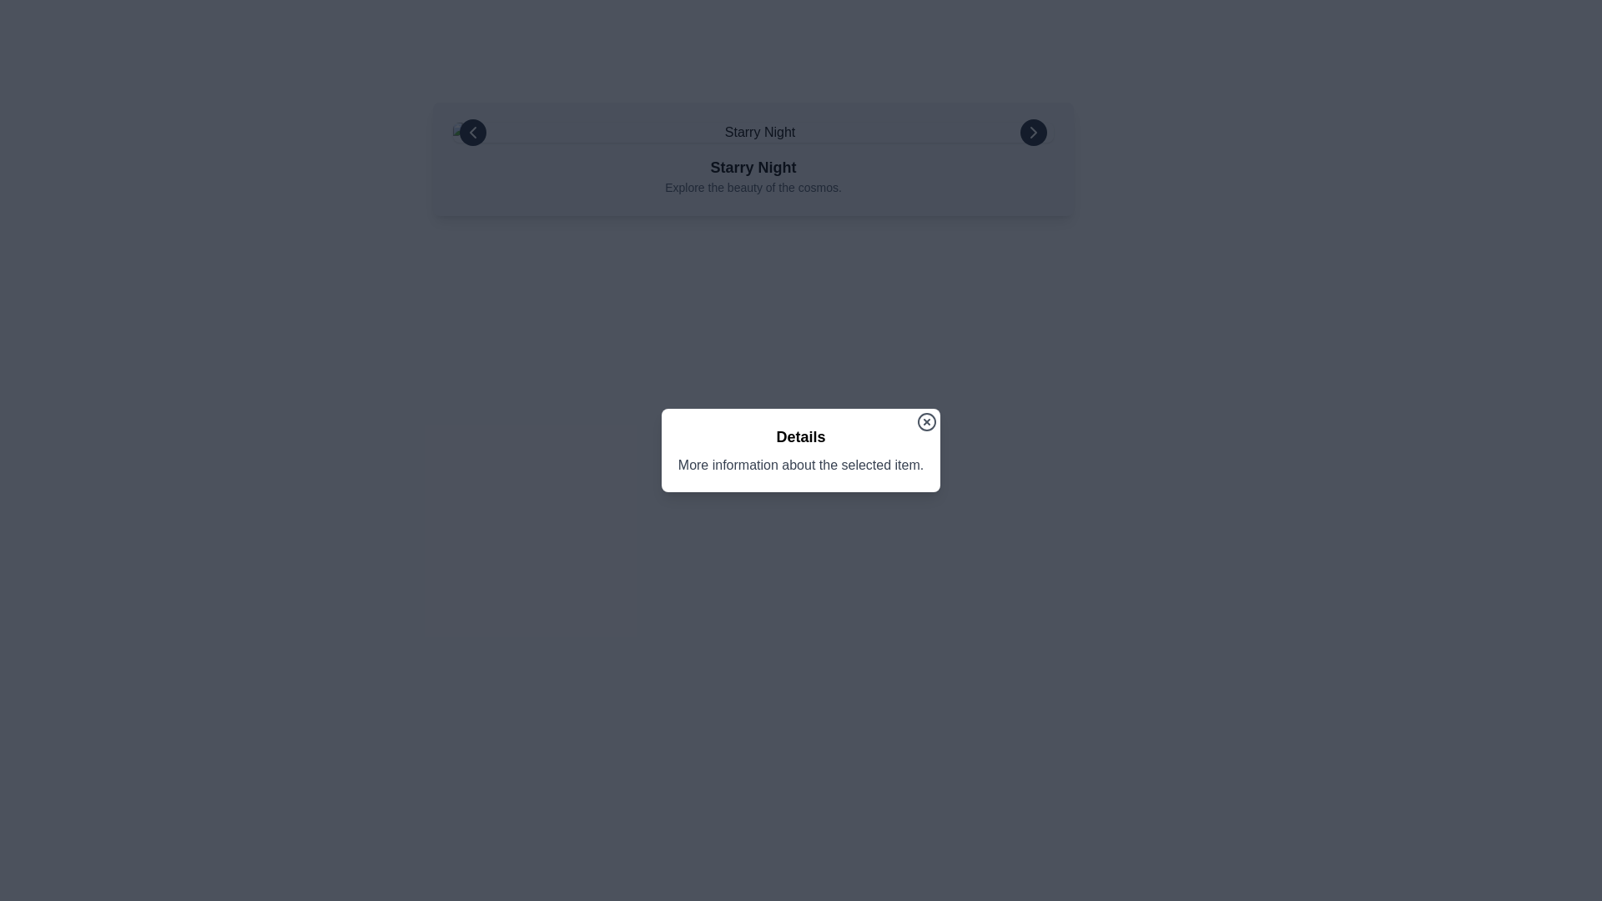 The height and width of the screenshot is (901, 1602). I want to click on the navigation chevron icon within the circular button on the left side of the 'Starry Night' panel, so click(471, 131).